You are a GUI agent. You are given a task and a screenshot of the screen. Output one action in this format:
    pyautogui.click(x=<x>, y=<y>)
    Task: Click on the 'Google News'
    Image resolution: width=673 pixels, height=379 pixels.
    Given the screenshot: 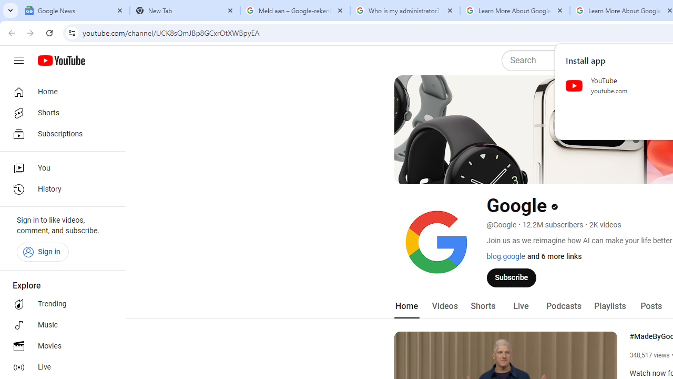 What is the action you would take?
    pyautogui.click(x=74, y=11)
    